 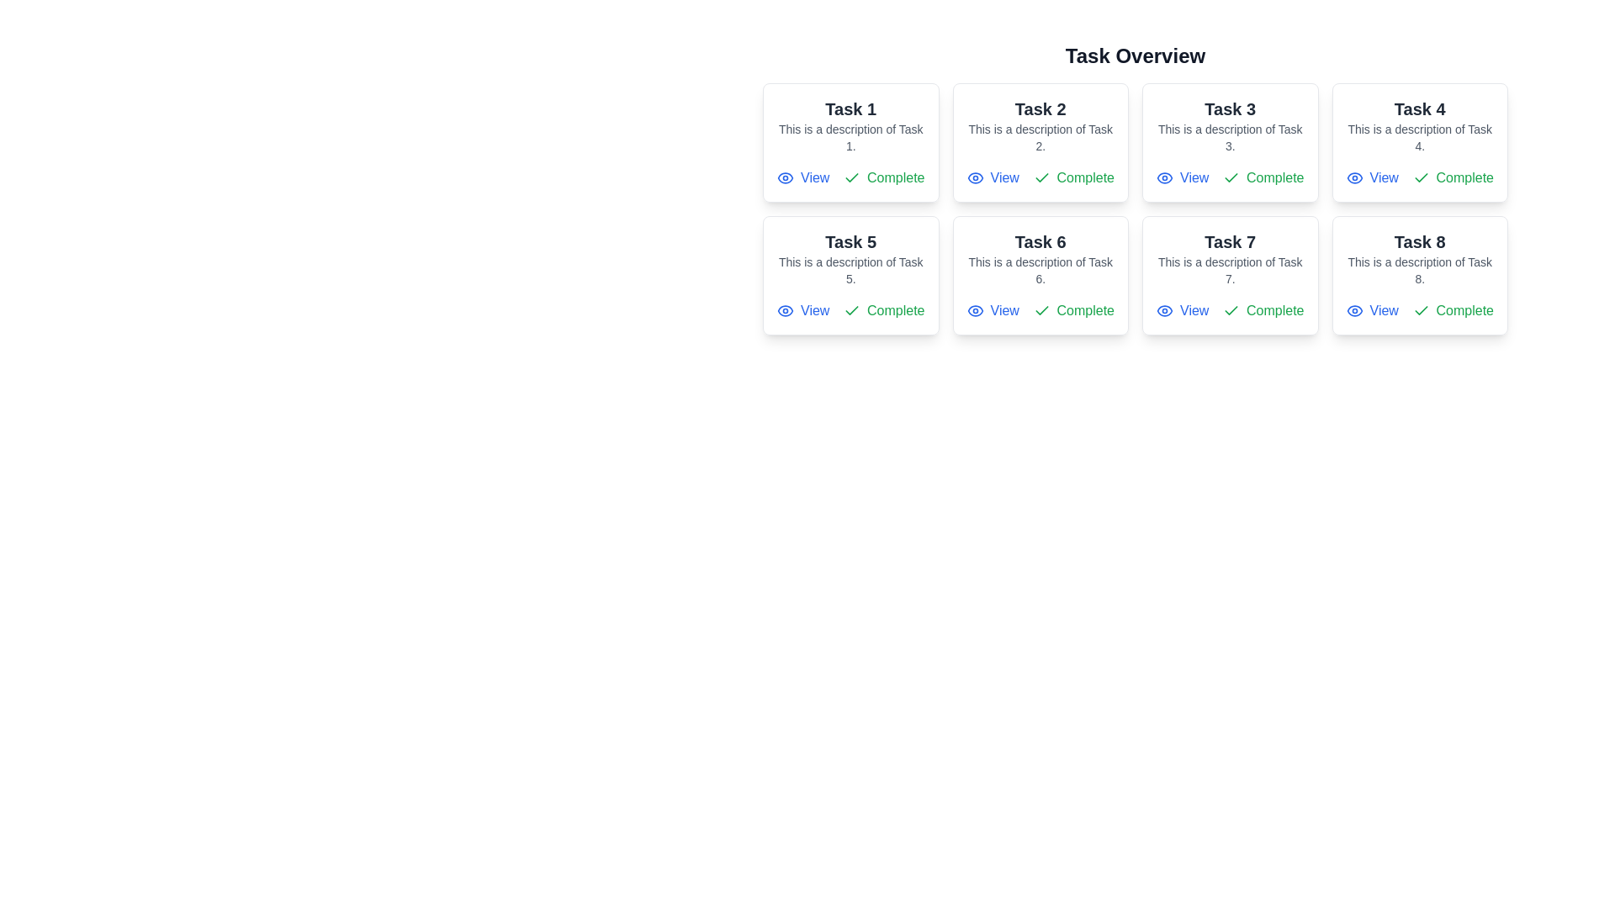 What do you see at coordinates (1354, 311) in the screenshot?
I see `the 'View' icon located in the bottom-right card of the grid layout, positioned before the 'View' text and above the 'Complete' text` at bounding box center [1354, 311].